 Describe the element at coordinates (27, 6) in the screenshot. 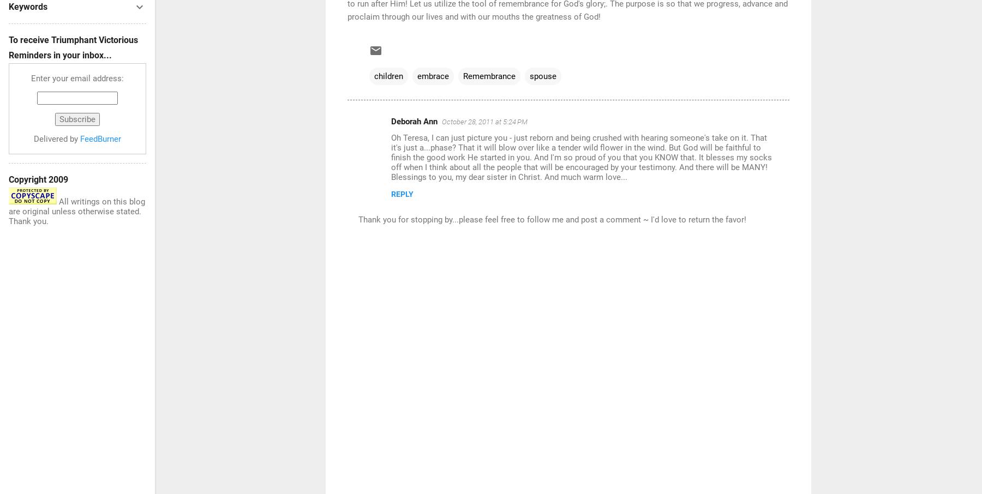

I see `'Keywords'` at that location.